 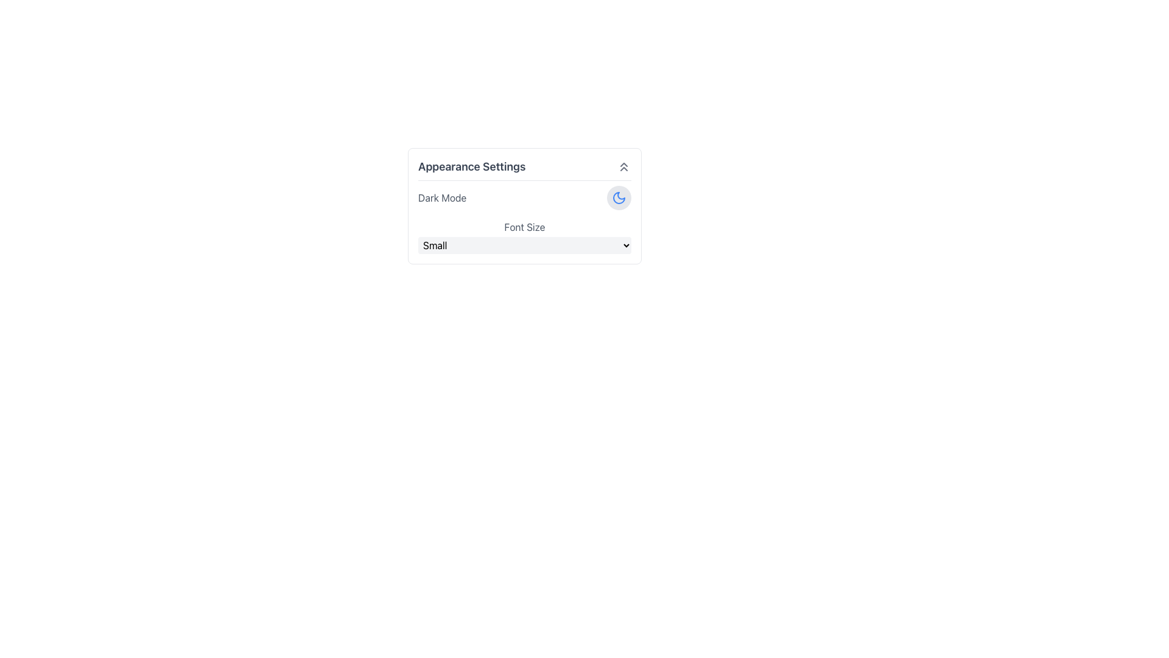 What do you see at coordinates (619, 197) in the screenshot?
I see `the circular toggle button with a moon icon` at bounding box center [619, 197].